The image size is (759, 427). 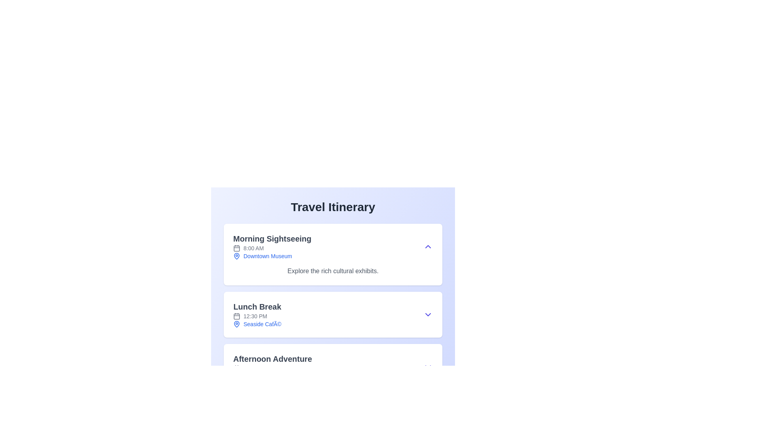 I want to click on the title text label of the itinerary item, which is located at the top of the card that includes details about the activity or event, to understand the context of the card, so click(x=272, y=238).